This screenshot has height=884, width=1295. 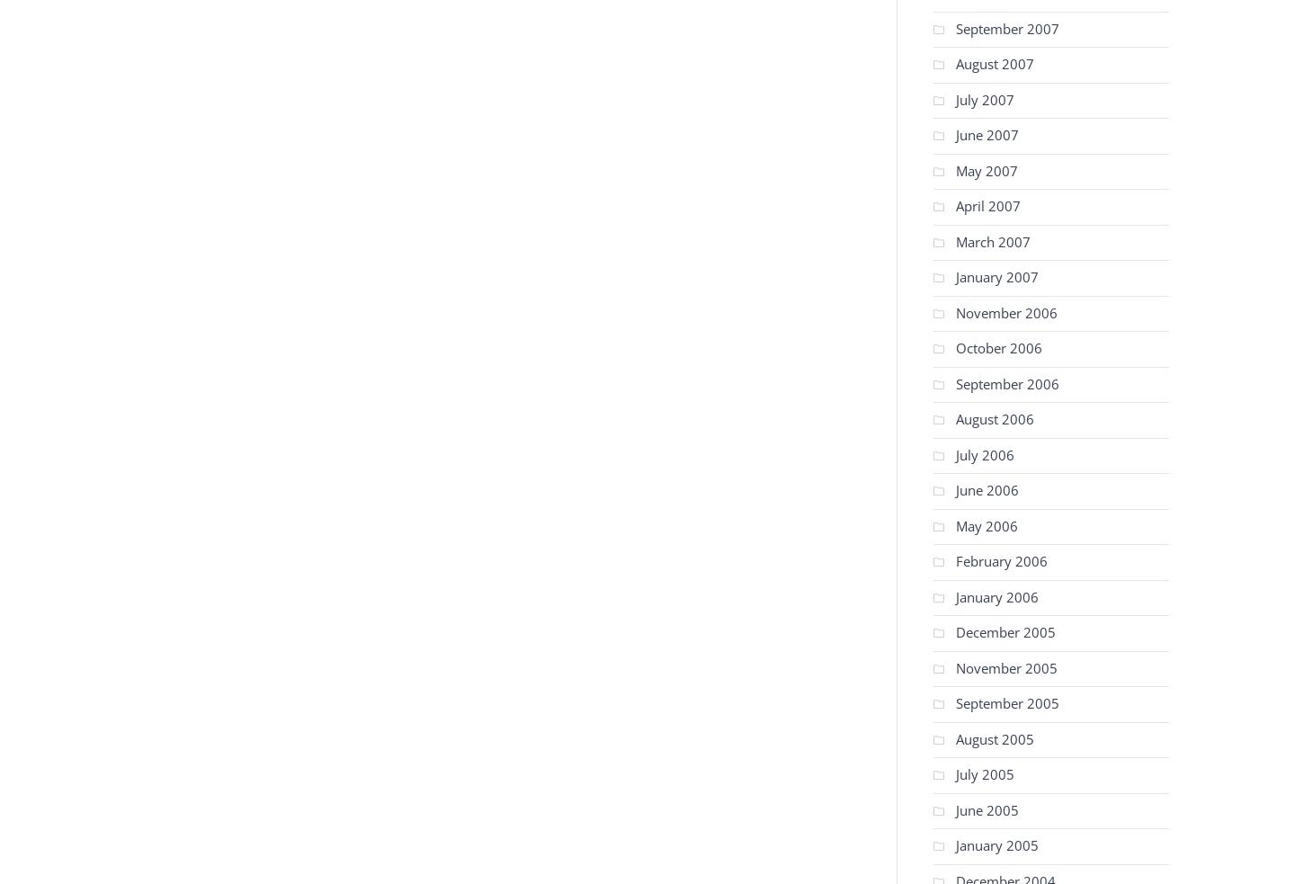 What do you see at coordinates (987, 809) in the screenshot?
I see `'June 2005'` at bounding box center [987, 809].